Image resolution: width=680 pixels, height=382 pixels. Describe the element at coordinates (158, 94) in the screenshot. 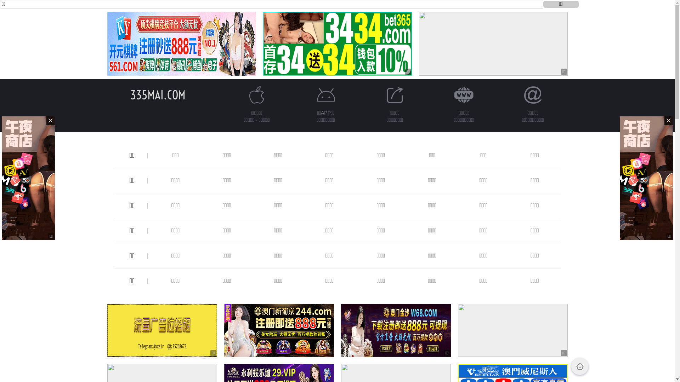

I see `'335MAI.COM'` at that location.